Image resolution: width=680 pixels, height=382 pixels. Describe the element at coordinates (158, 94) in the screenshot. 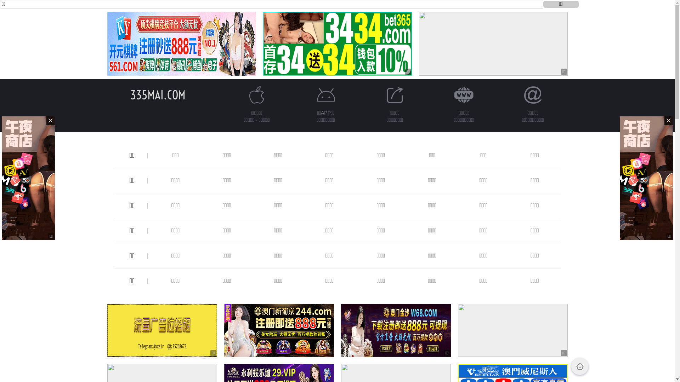

I see `'335MAI.COM'` at that location.